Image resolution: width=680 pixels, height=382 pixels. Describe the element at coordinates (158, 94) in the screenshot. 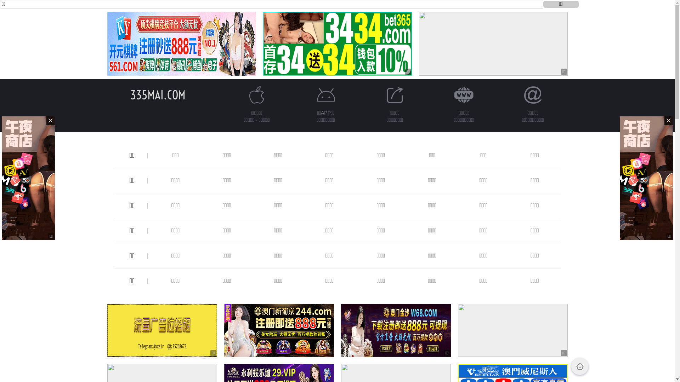

I see `'335MAI.COM'` at that location.